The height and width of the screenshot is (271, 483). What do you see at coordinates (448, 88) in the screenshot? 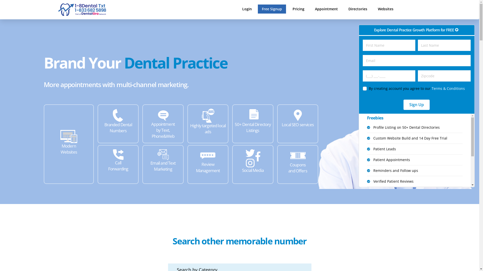
I see `'Terms & Conditions'` at bounding box center [448, 88].